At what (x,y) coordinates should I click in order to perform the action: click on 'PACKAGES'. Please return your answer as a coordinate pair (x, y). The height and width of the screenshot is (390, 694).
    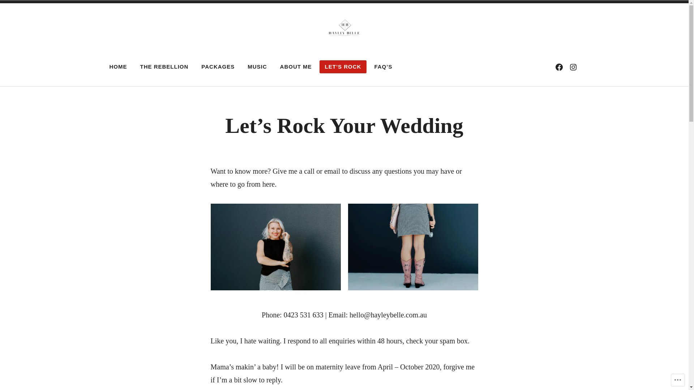
    Looking at the image, I should click on (218, 67).